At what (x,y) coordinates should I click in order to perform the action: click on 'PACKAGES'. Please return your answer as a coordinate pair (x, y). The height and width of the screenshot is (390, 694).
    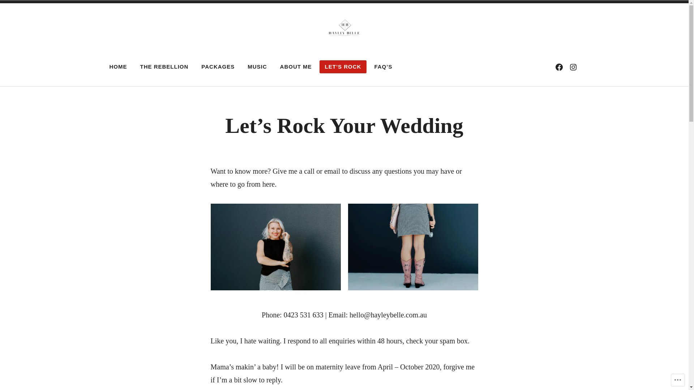
    Looking at the image, I should click on (218, 67).